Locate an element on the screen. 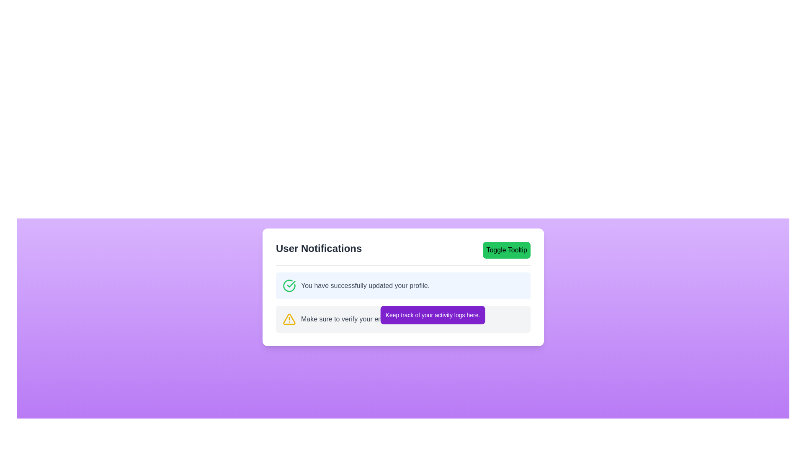 Image resolution: width=804 pixels, height=452 pixels. success notification banner located in the 'User Notifications' section, which indicates that the profile update was successful is located at coordinates (403, 285).